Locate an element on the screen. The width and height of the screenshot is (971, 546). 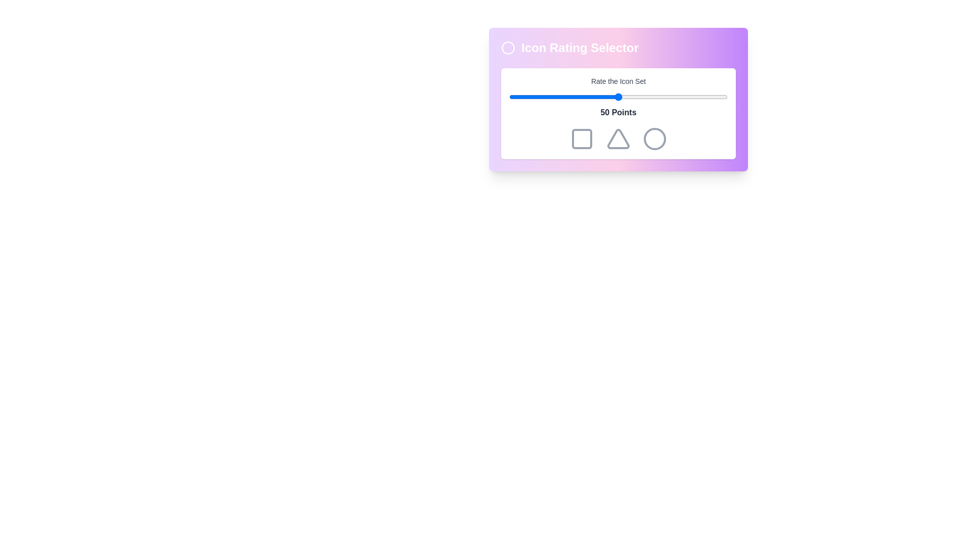
the slider to 51 percent to observe the color changes of the icons is located at coordinates (620, 97).